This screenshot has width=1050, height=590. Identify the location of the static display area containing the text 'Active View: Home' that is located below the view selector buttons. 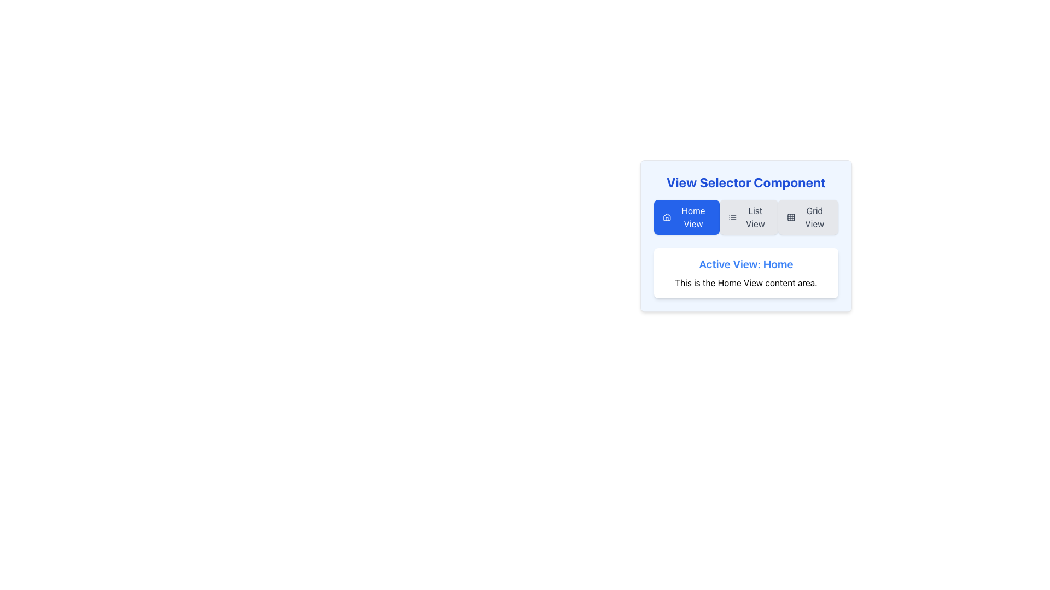
(745, 273).